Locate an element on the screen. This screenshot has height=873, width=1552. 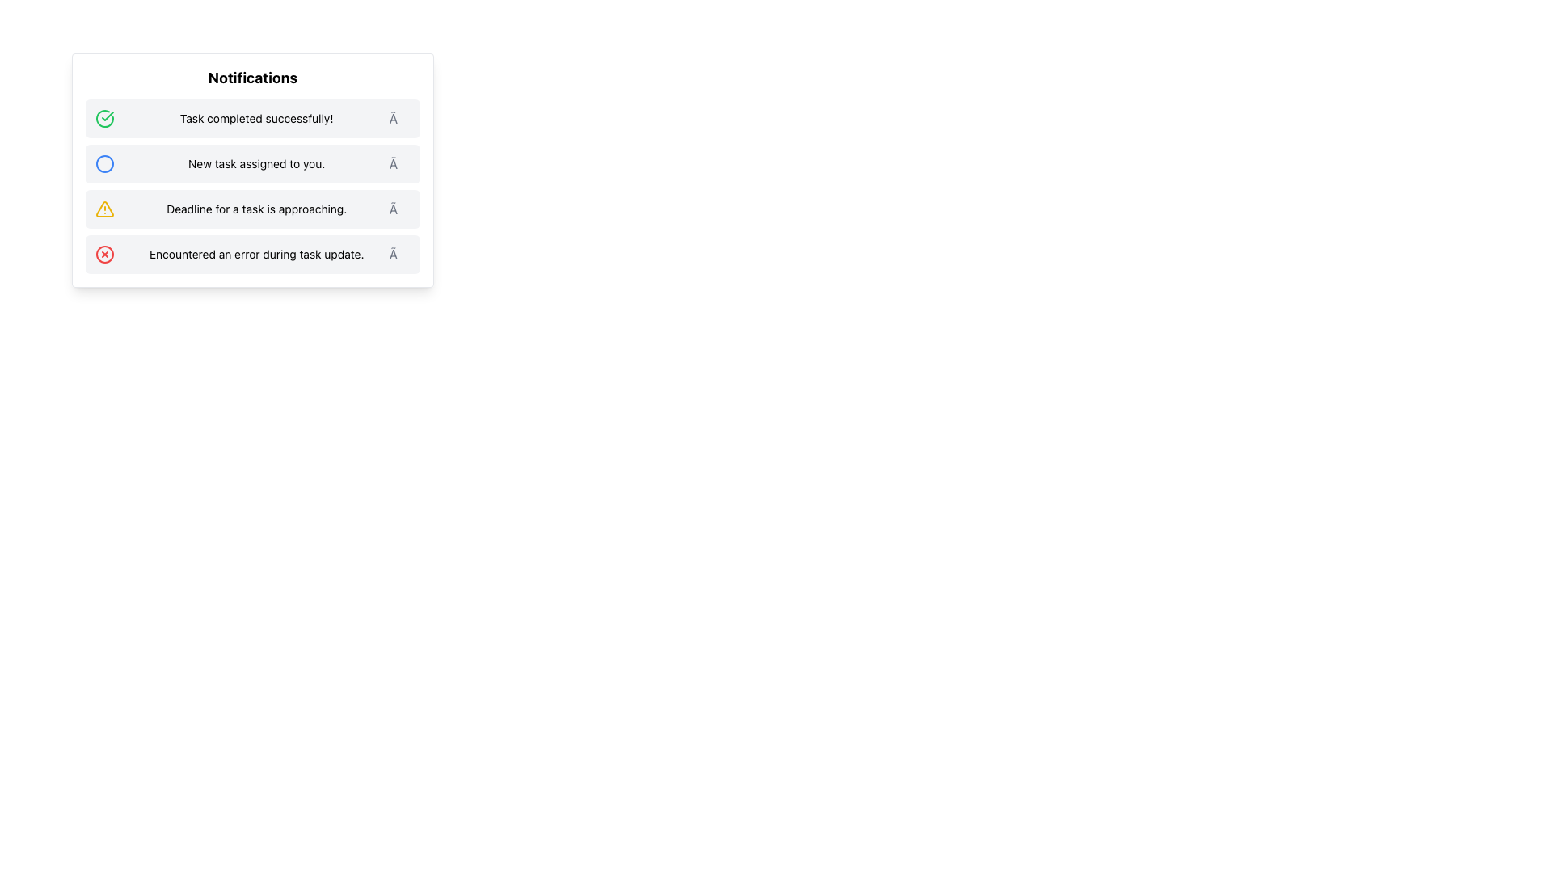
the close button located on the far right of the 'Task completed successfully!' notification message bar is located at coordinates (399, 117).